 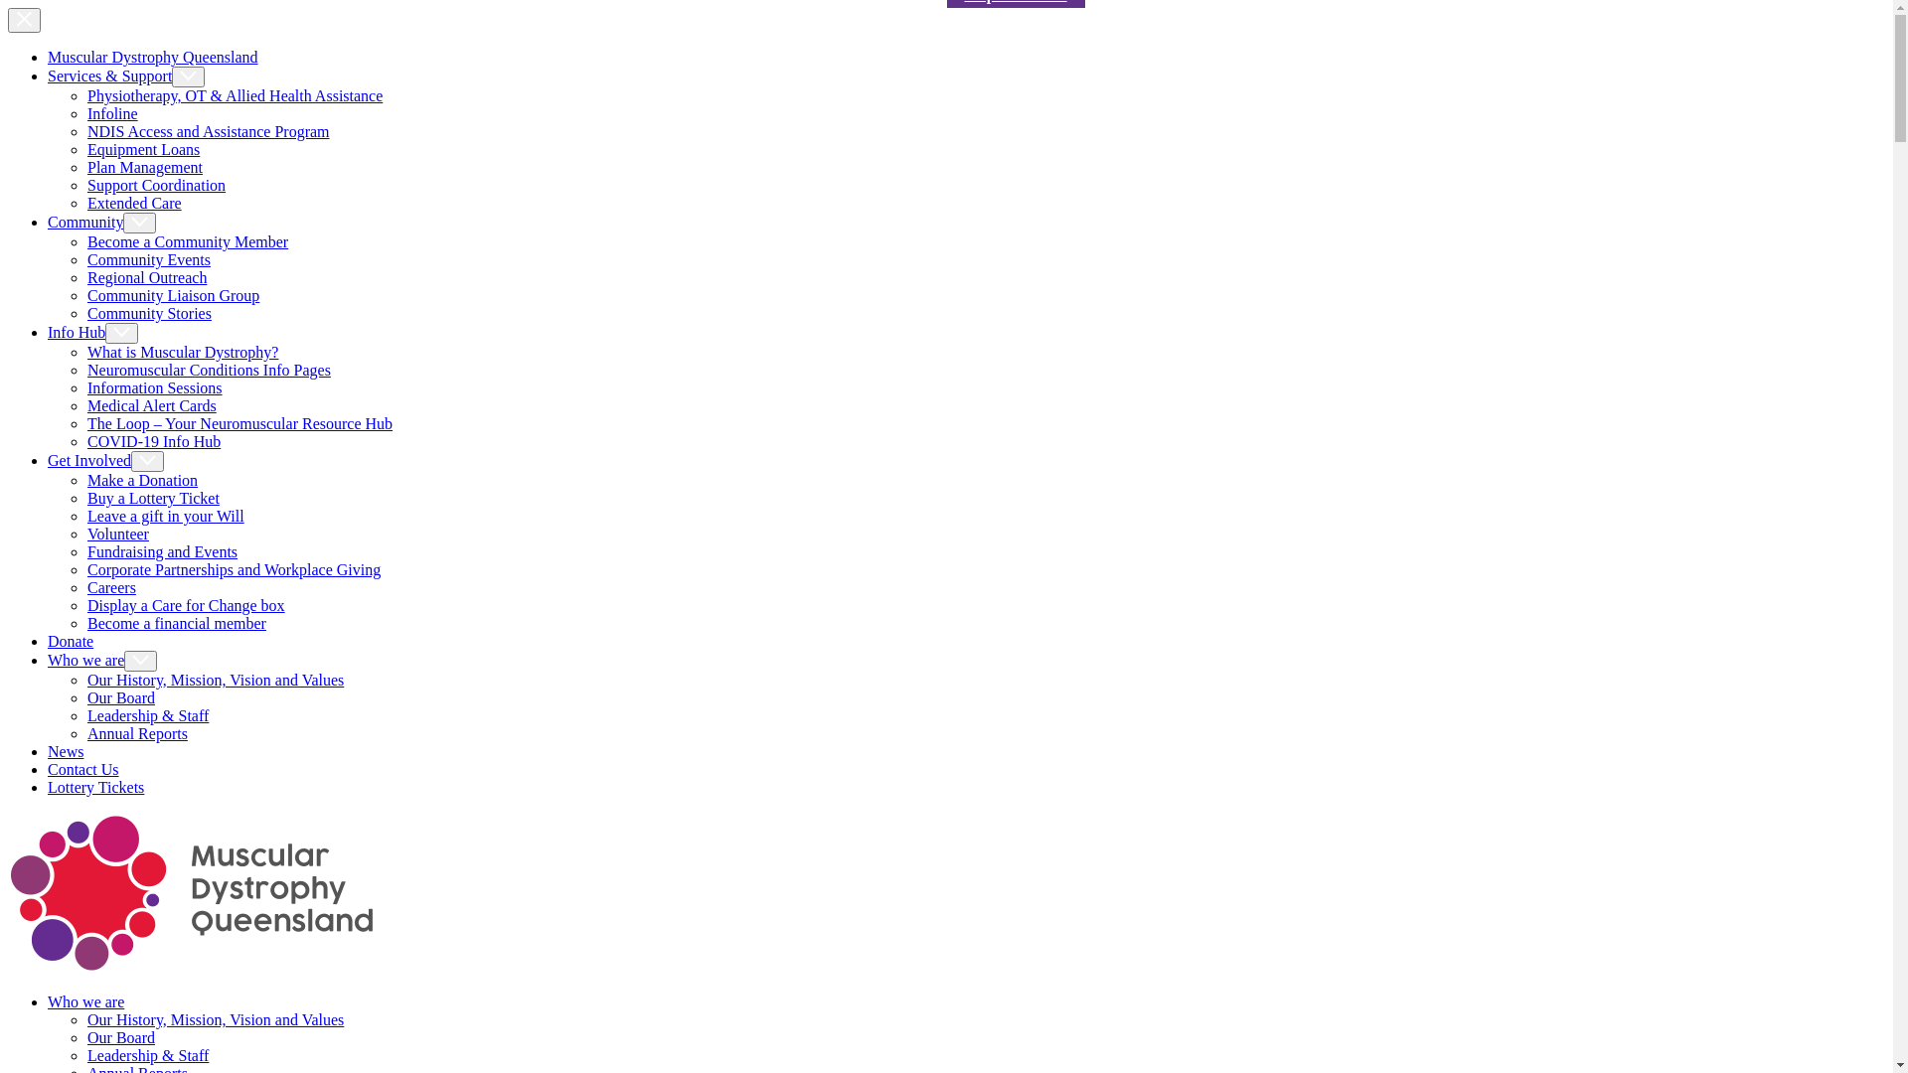 What do you see at coordinates (187, 240) in the screenshot?
I see `'Become a Community Member'` at bounding box center [187, 240].